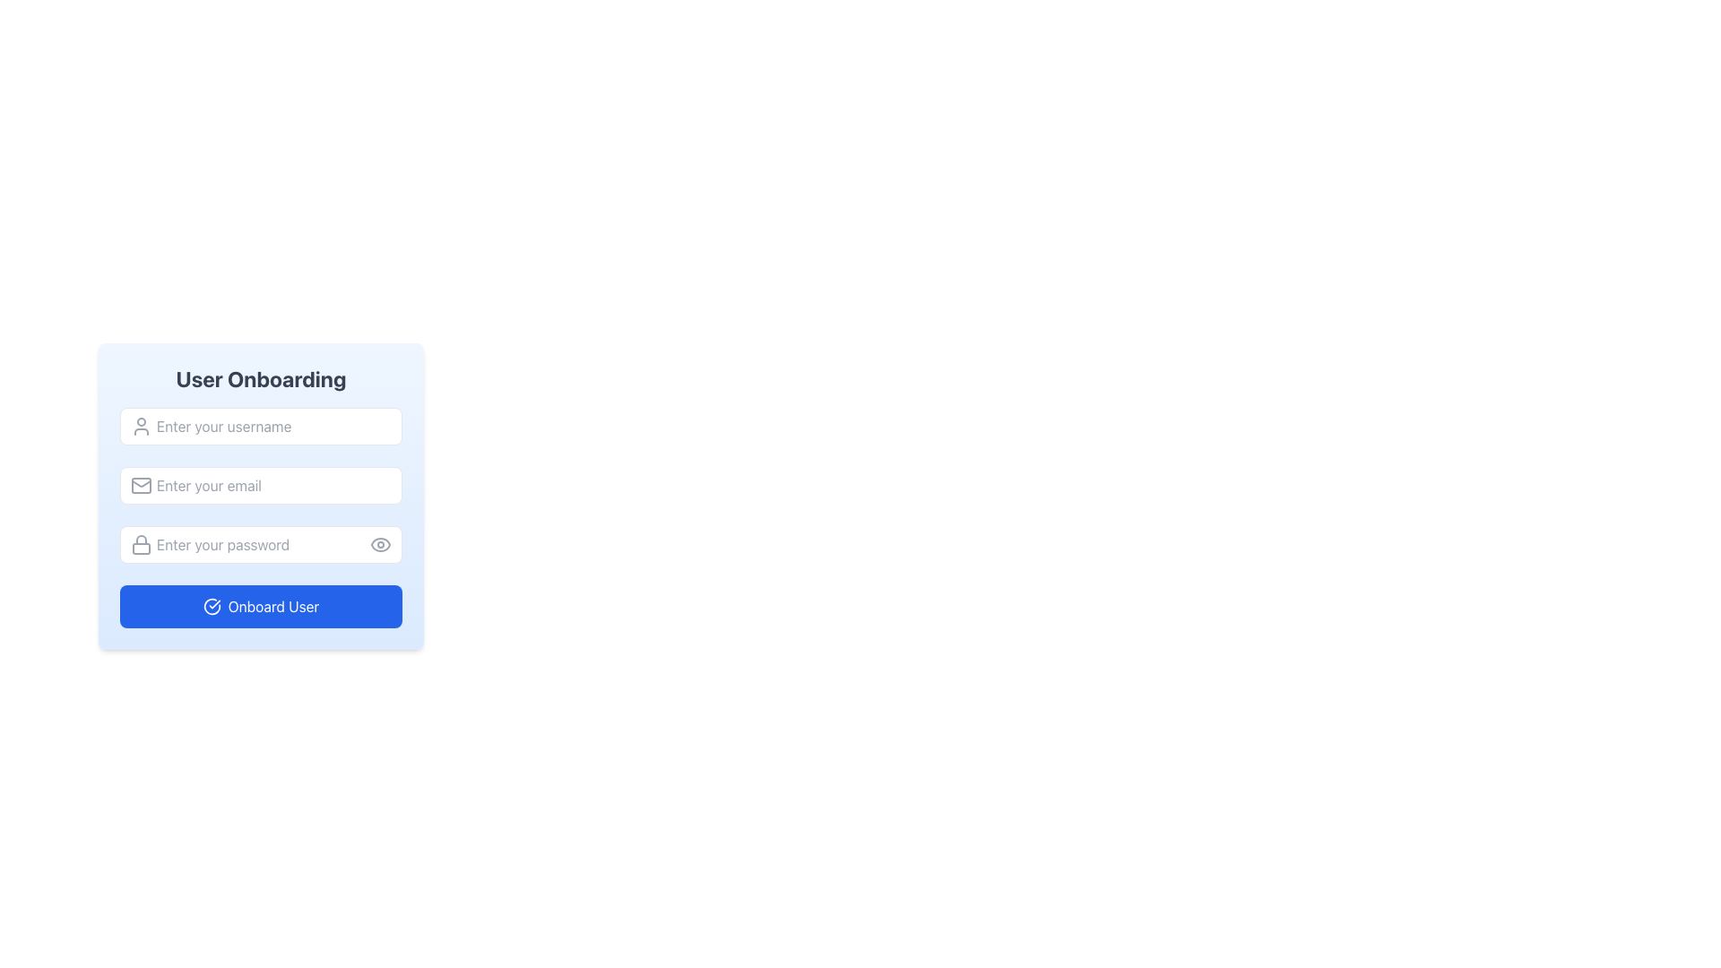 The width and height of the screenshot is (1721, 968). I want to click on the small gray user icon located to the far left inside the username input field in the 'User Onboarding' section, so click(141, 426).